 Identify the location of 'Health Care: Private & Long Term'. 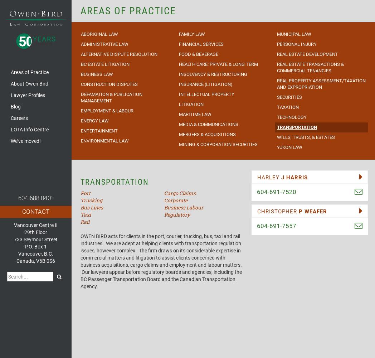
(179, 64).